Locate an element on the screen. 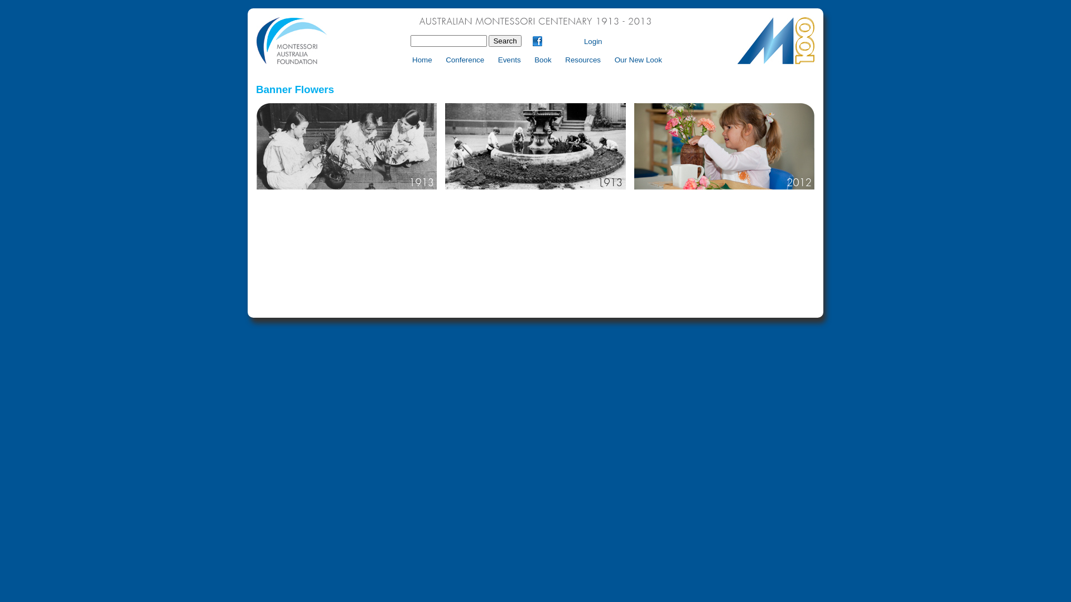  'Resources' is located at coordinates (581, 60).